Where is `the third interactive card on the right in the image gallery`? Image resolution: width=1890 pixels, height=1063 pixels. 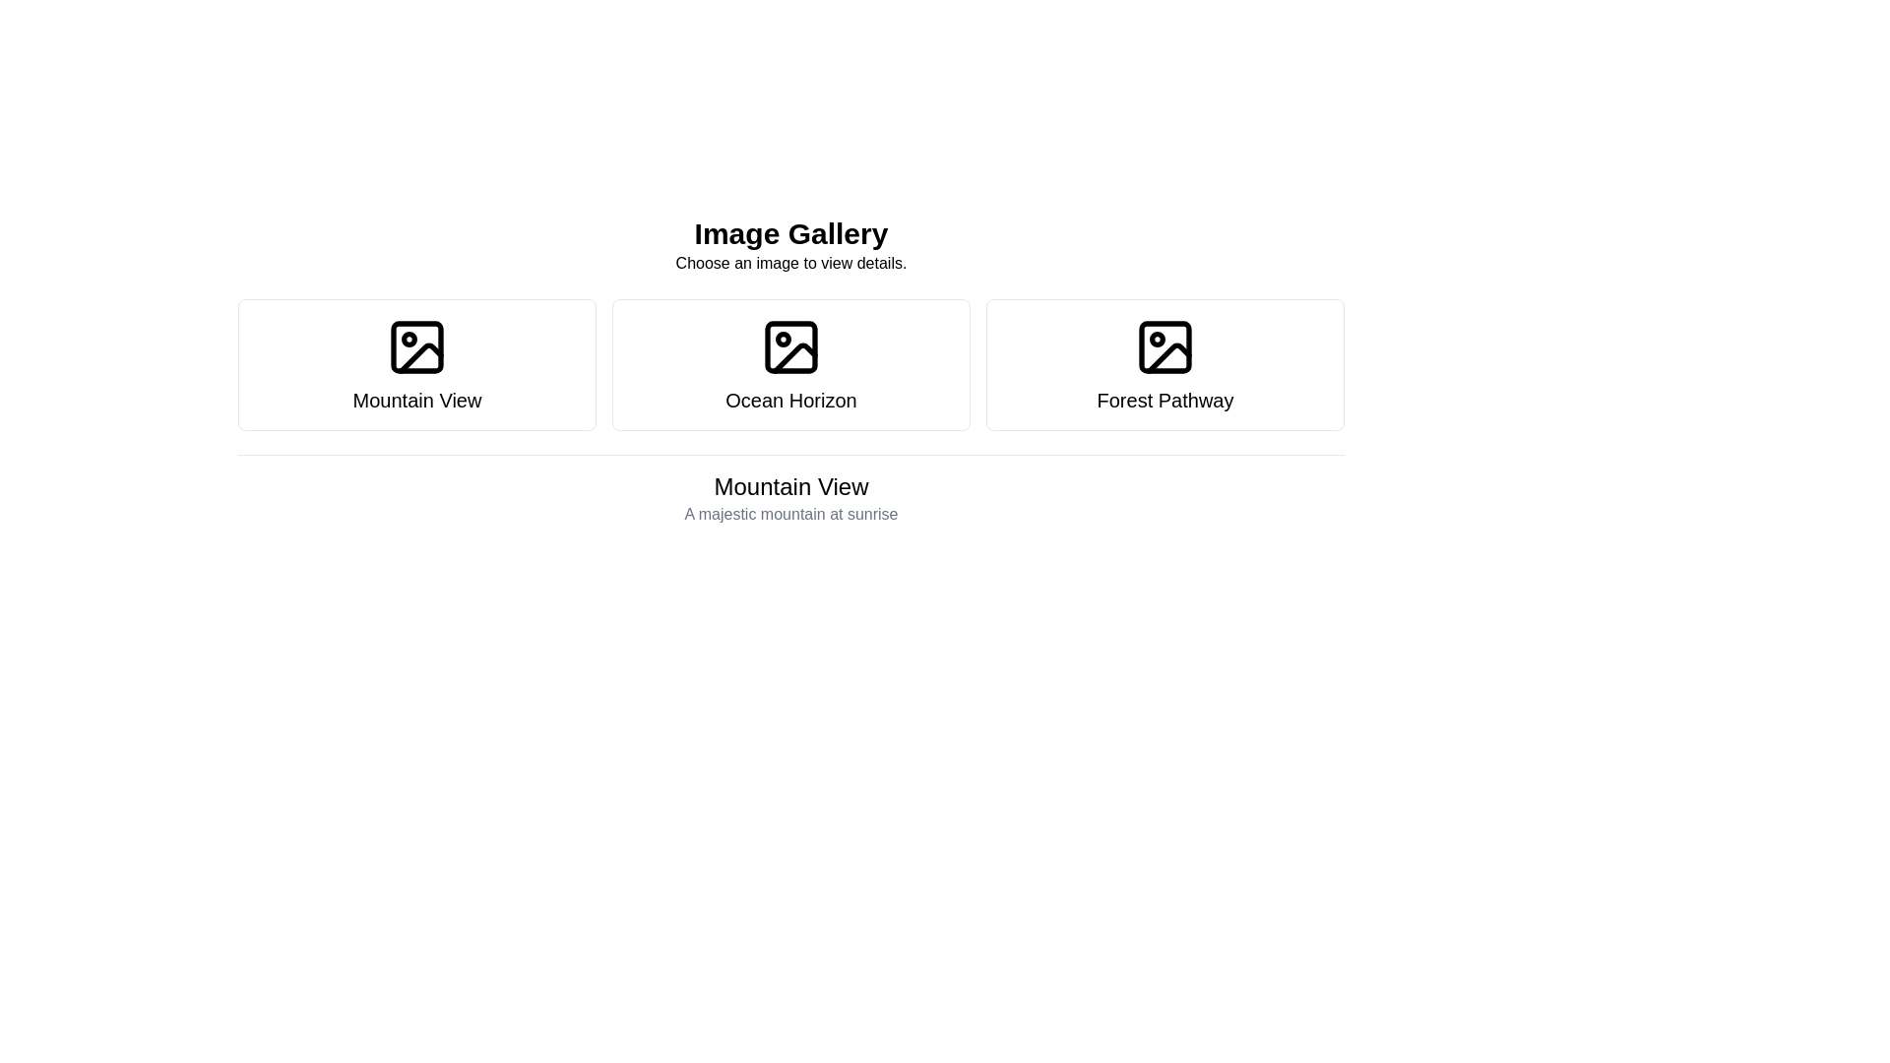 the third interactive card on the right in the image gallery is located at coordinates (1165, 364).